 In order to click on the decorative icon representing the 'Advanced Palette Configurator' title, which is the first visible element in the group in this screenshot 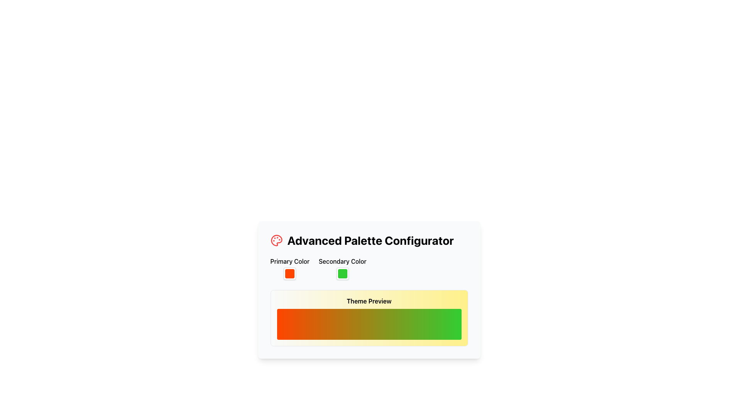, I will do `click(276, 240)`.